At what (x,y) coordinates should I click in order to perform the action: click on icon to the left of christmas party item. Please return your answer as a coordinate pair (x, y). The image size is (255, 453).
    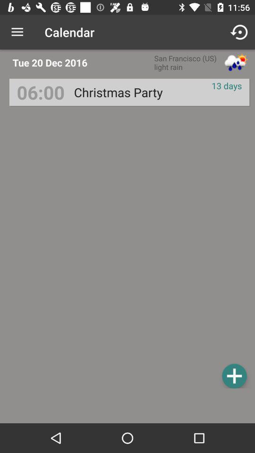
    Looking at the image, I should click on (40, 92).